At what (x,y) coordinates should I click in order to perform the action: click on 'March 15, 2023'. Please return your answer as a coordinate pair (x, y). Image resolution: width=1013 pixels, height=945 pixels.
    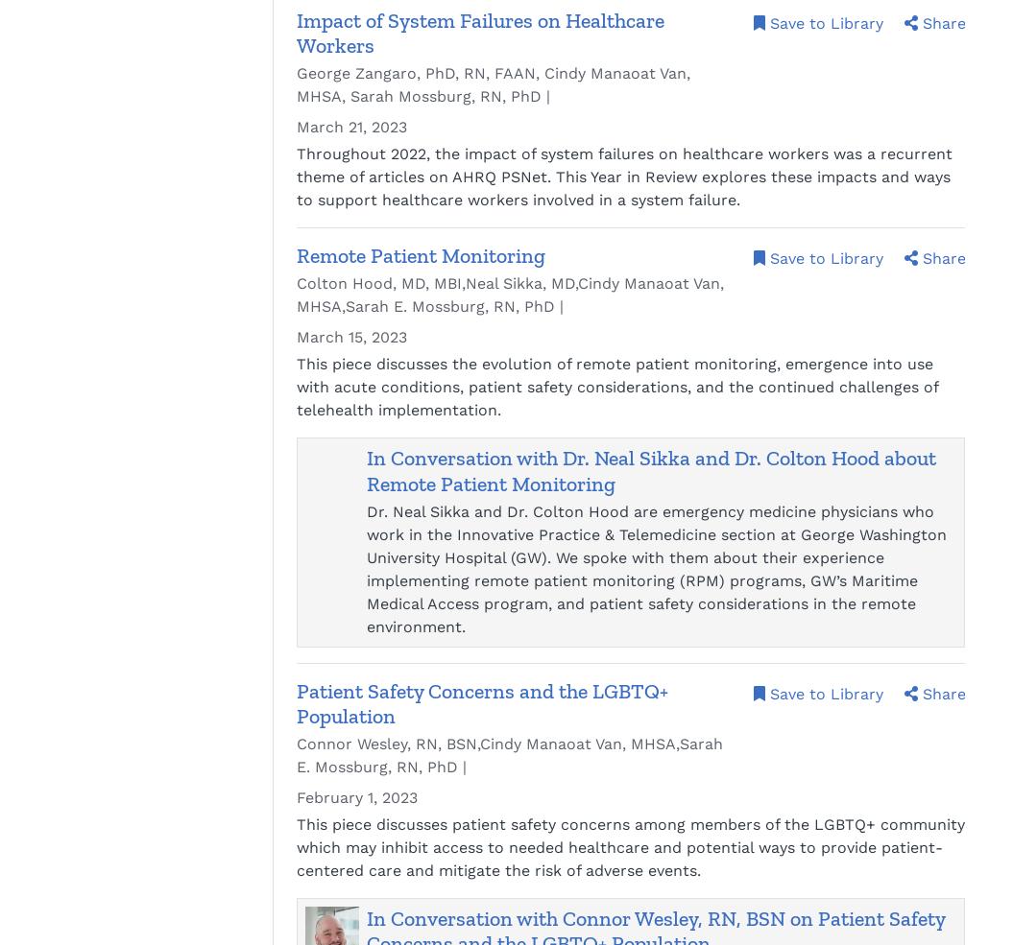
    Looking at the image, I should click on (351, 337).